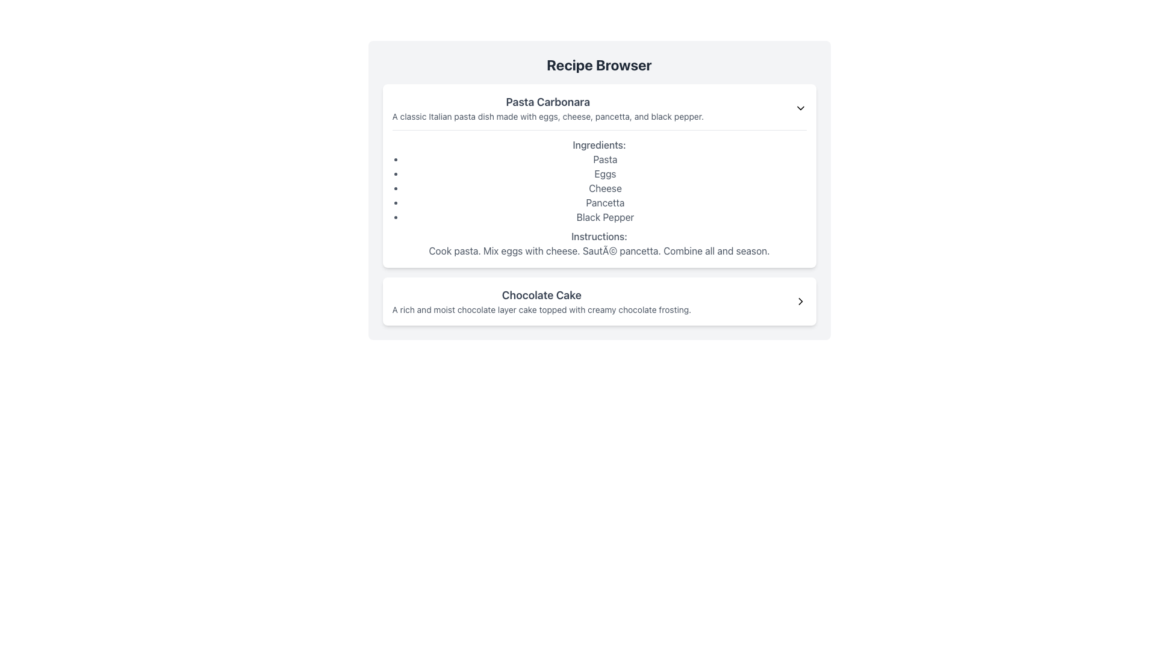 This screenshot has height=650, width=1156. I want to click on static text description located directly beneath the bold title 'Pasta Carbonara' in the 'Recipe Browser' content box, so click(547, 116).